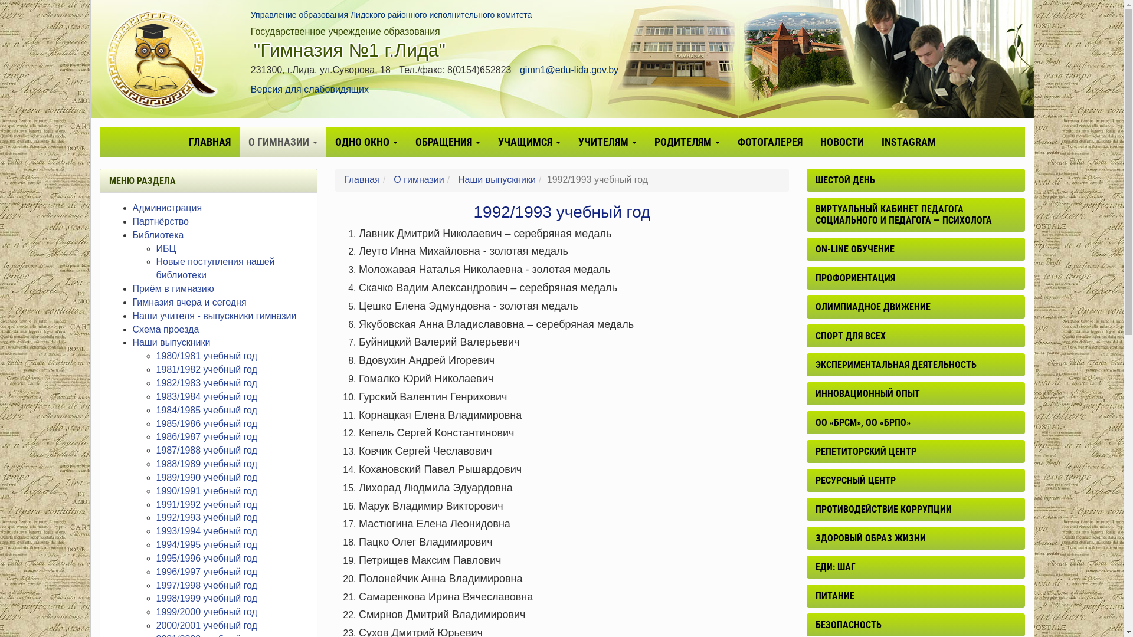  What do you see at coordinates (908, 141) in the screenshot?
I see `'INSTAGRAM'` at bounding box center [908, 141].